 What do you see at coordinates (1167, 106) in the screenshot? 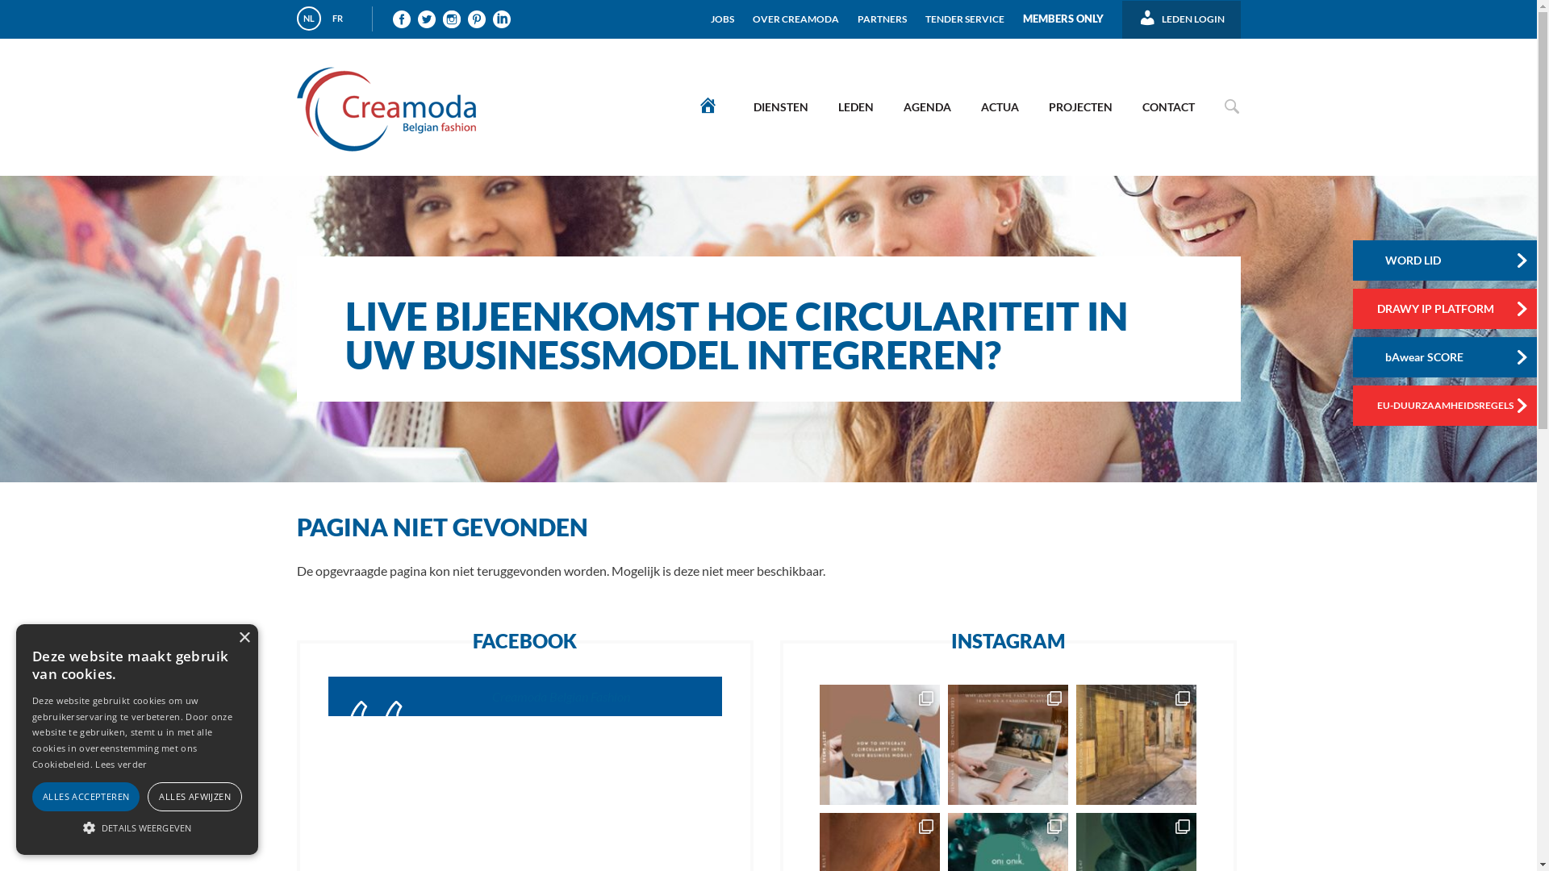
I see `'CONTACT'` at bounding box center [1167, 106].